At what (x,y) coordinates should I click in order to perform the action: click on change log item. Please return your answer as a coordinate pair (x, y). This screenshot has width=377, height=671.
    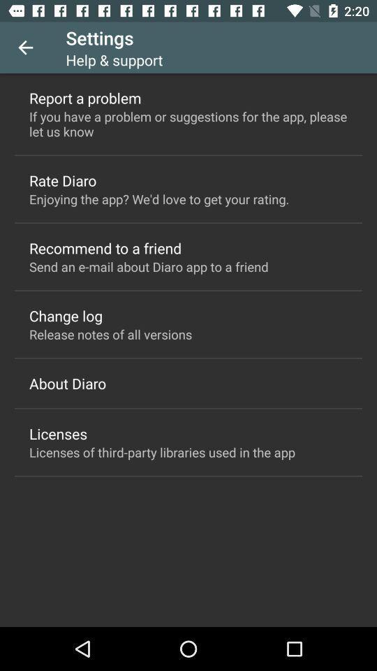
    Looking at the image, I should click on (65, 315).